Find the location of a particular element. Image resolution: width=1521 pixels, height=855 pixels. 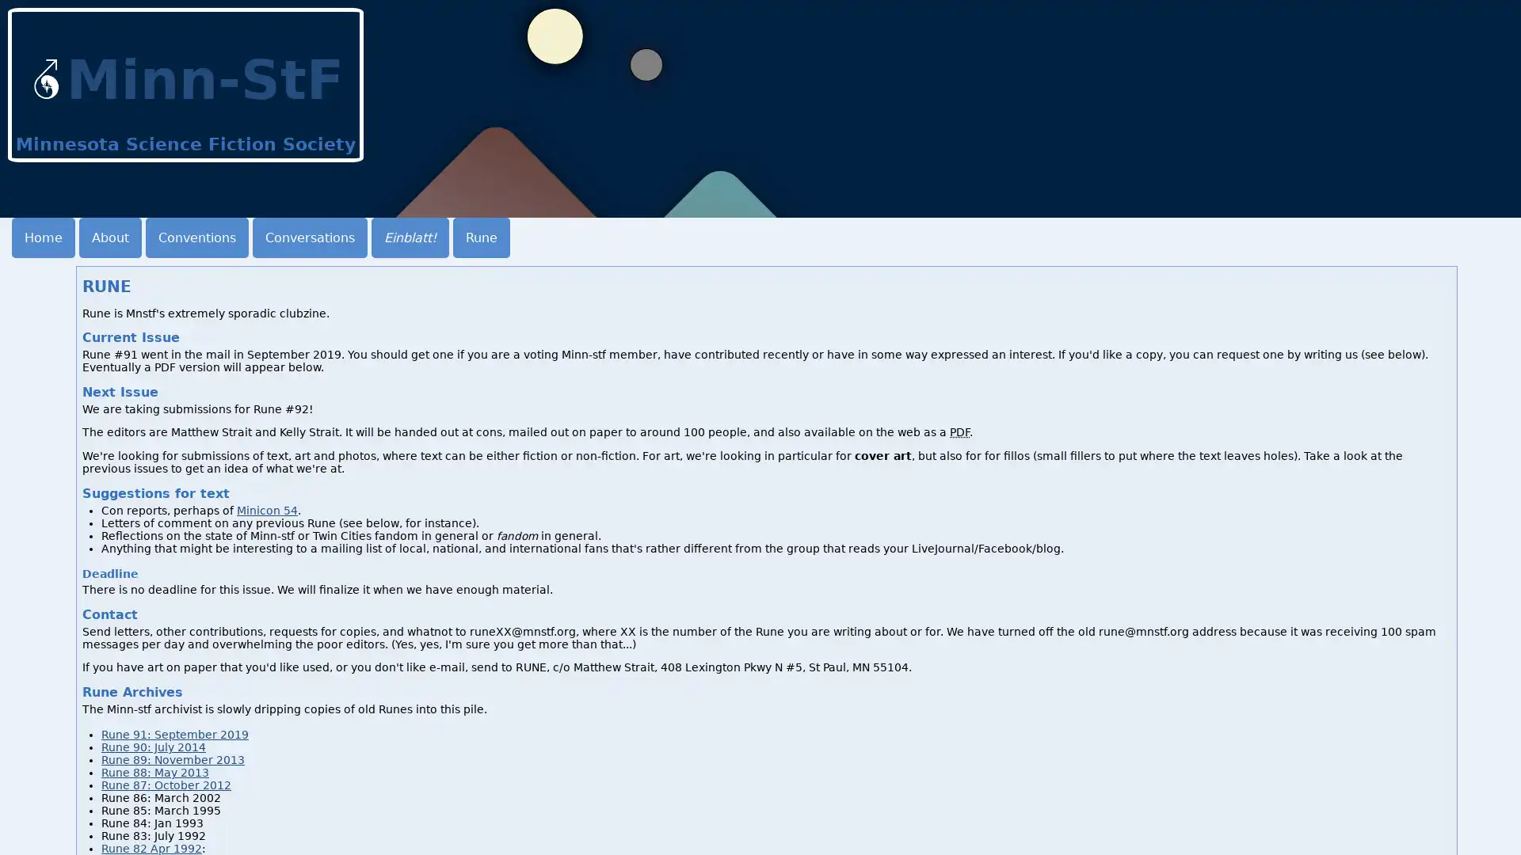

Home is located at coordinates (43, 237).